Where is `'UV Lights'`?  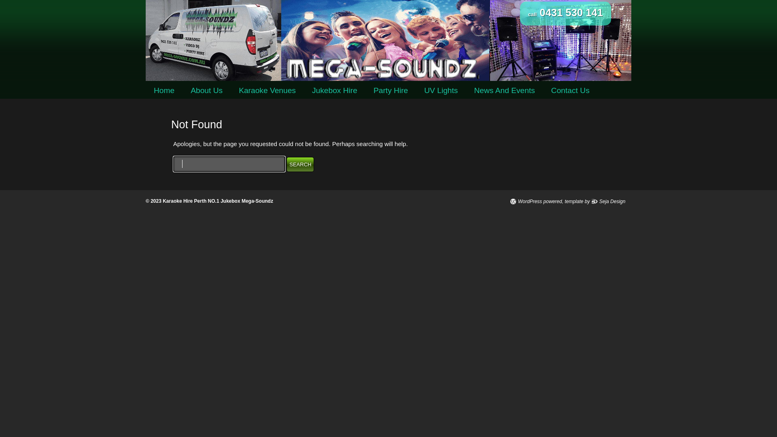
'UV Lights' is located at coordinates (440, 90).